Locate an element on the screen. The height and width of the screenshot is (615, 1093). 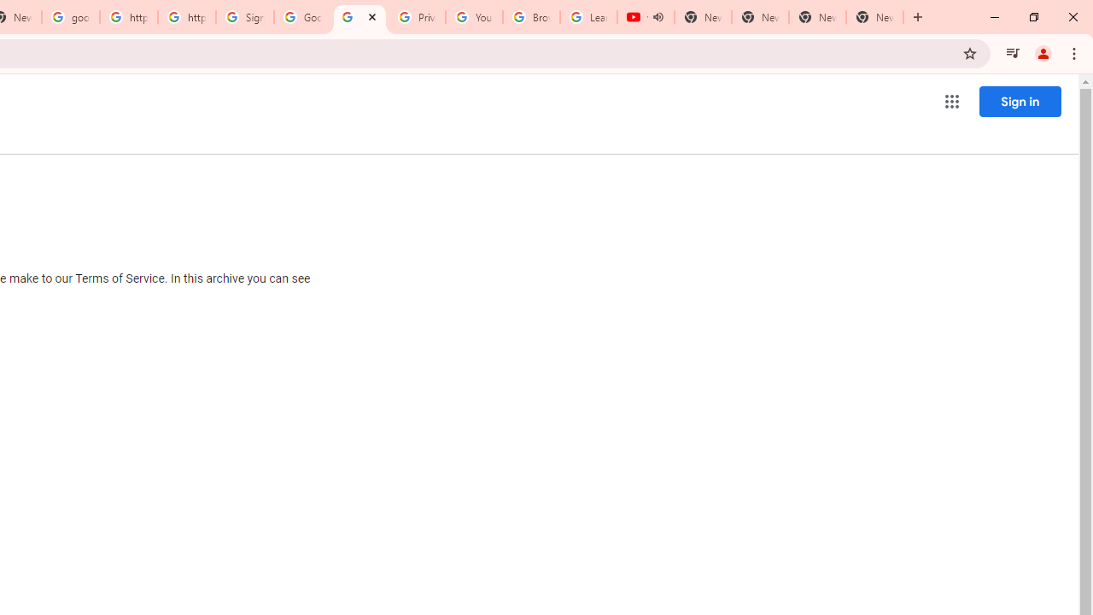
'Control your music, videos, and more' is located at coordinates (1012, 52).